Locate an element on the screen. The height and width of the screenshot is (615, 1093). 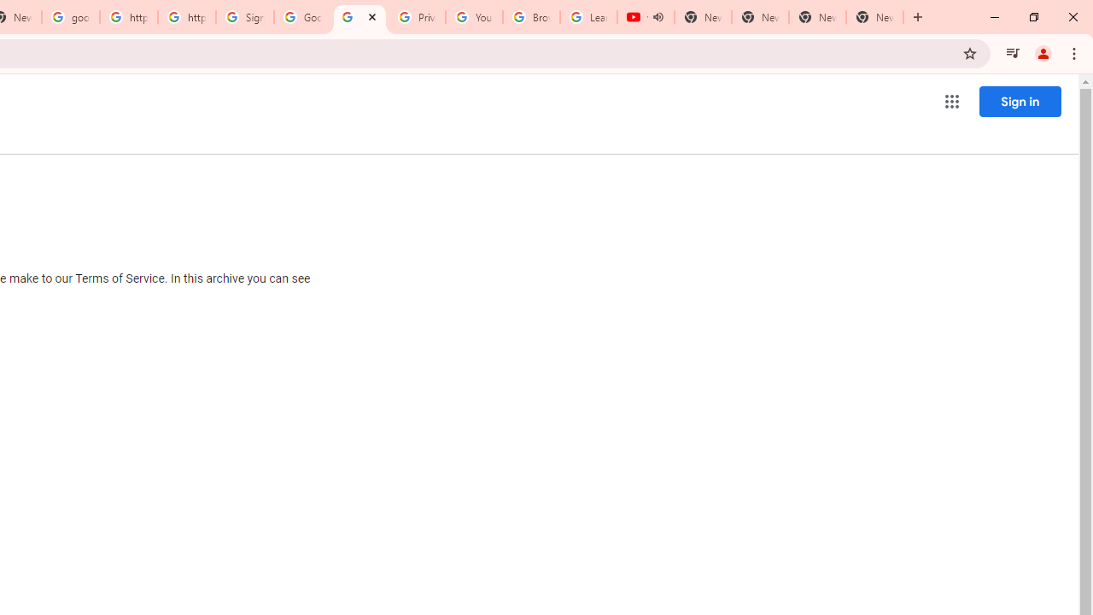
'Control your music, videos, and more' is located at coordinates (1012, 52).